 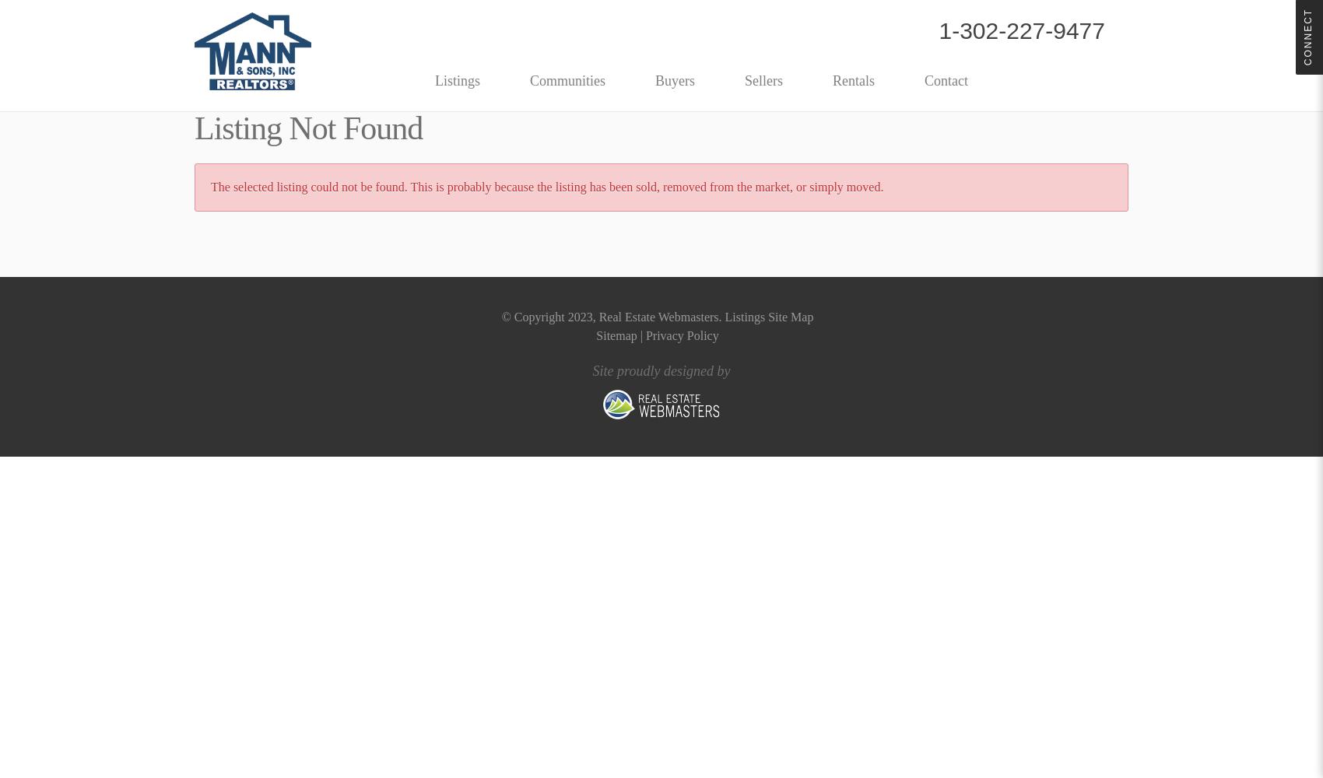 What do you see at coordinates (675, 80) in the screenshot?
I see `'Buyers'` at bounding box center [675, 80].